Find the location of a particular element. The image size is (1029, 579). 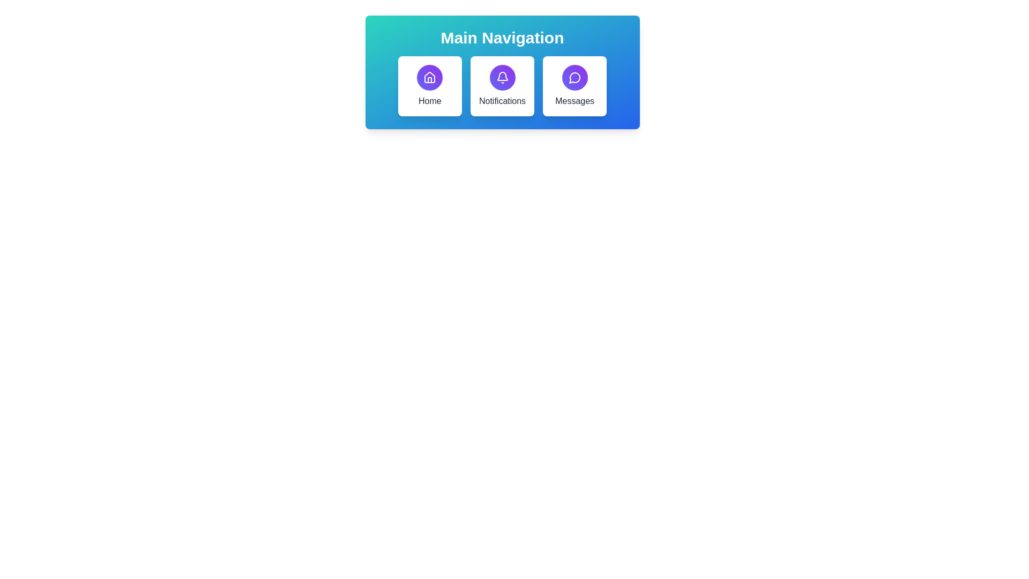

the minimalistic house-shaped icon located centrally within the circular purple button of the 'Home' navigation option is located at coordinates (430, 77).